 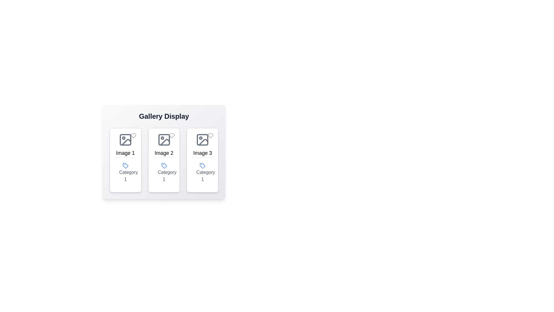 I want to click on the favoriting icon button located at the top-right corner of the card labeled 'Image 1 Category 1' to change its color, so click(x=133, y=136).